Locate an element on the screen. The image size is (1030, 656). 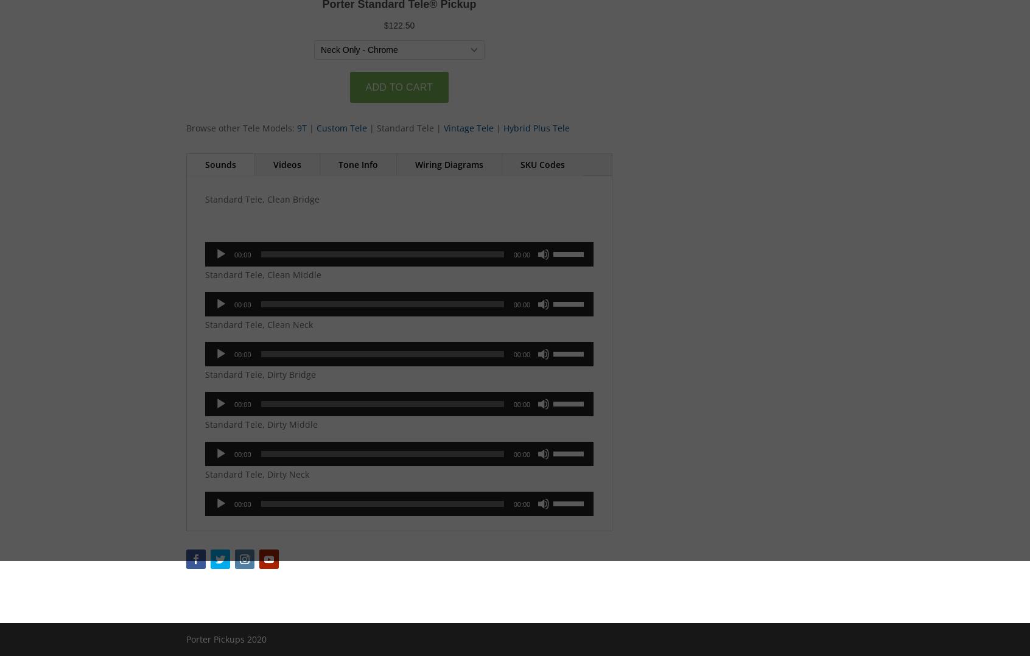
'Porter Pickups 2020' is located at coordinates (226, 638).